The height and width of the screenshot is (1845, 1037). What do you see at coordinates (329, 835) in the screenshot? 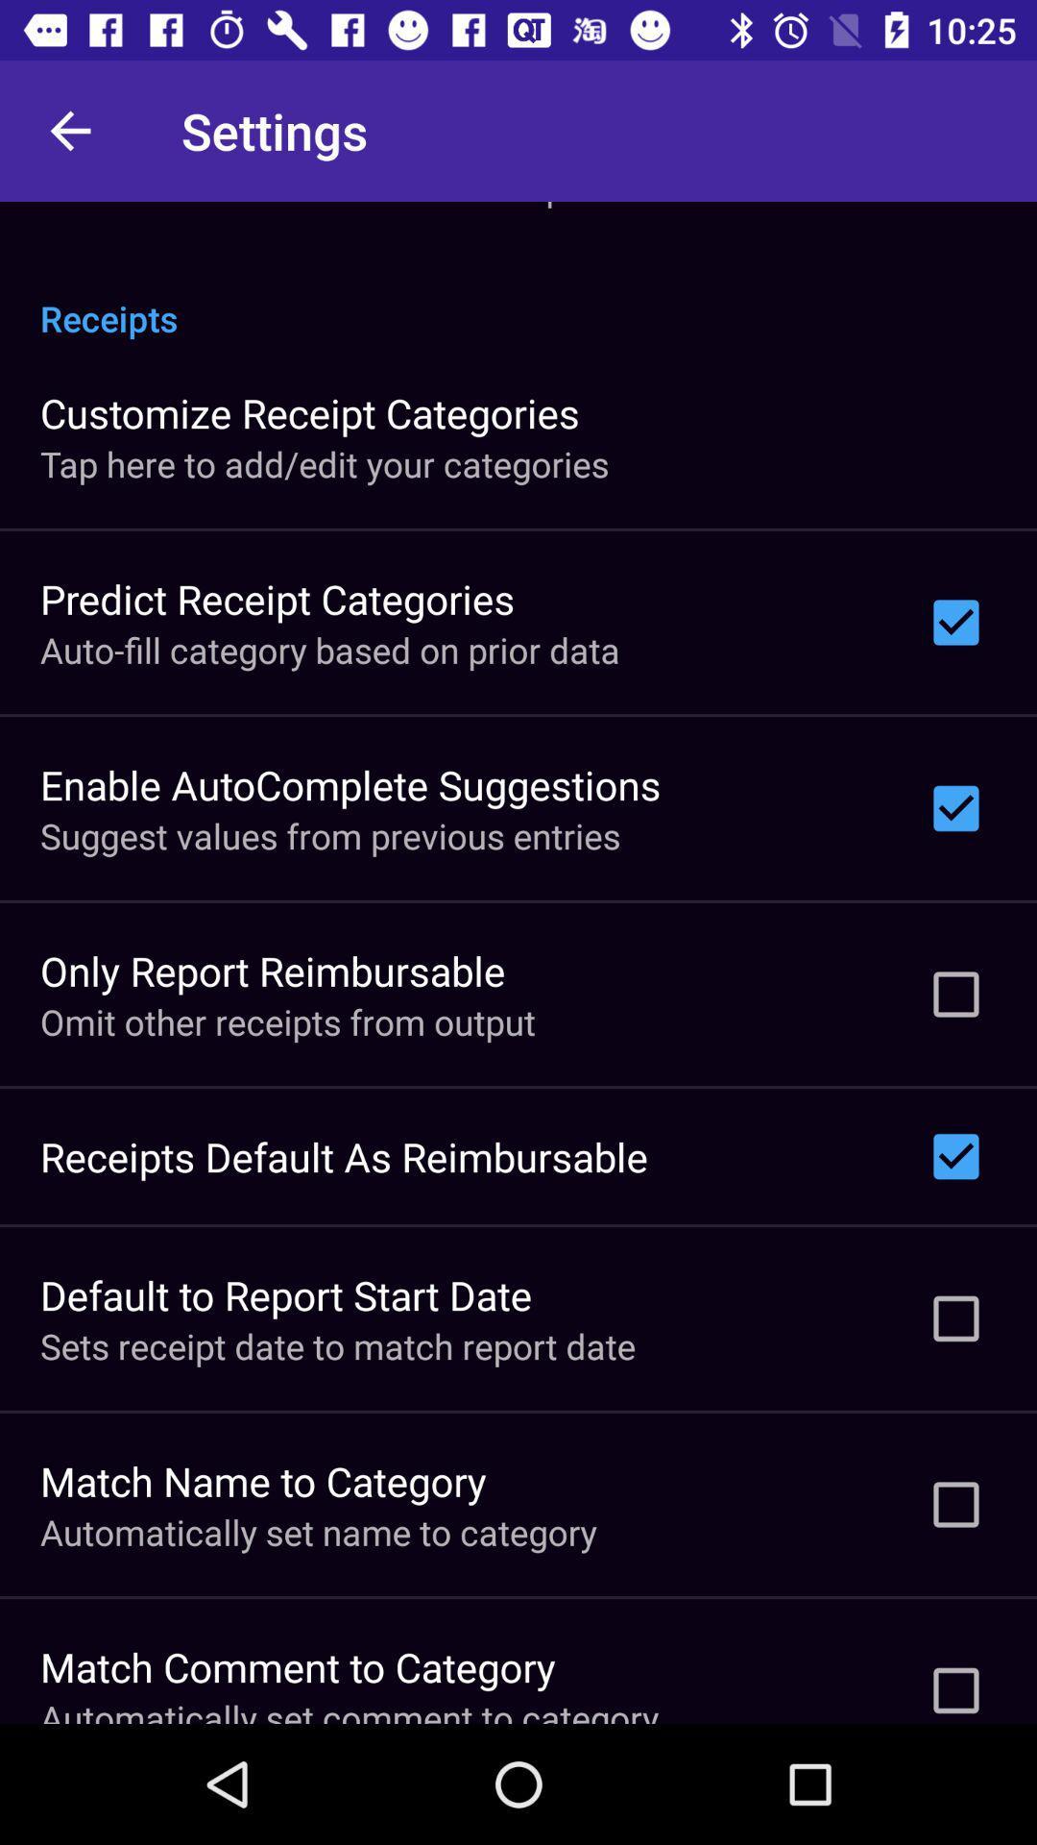
I see `the item below enable autocomplete suggestions icon` at bounding box center [329, 835].